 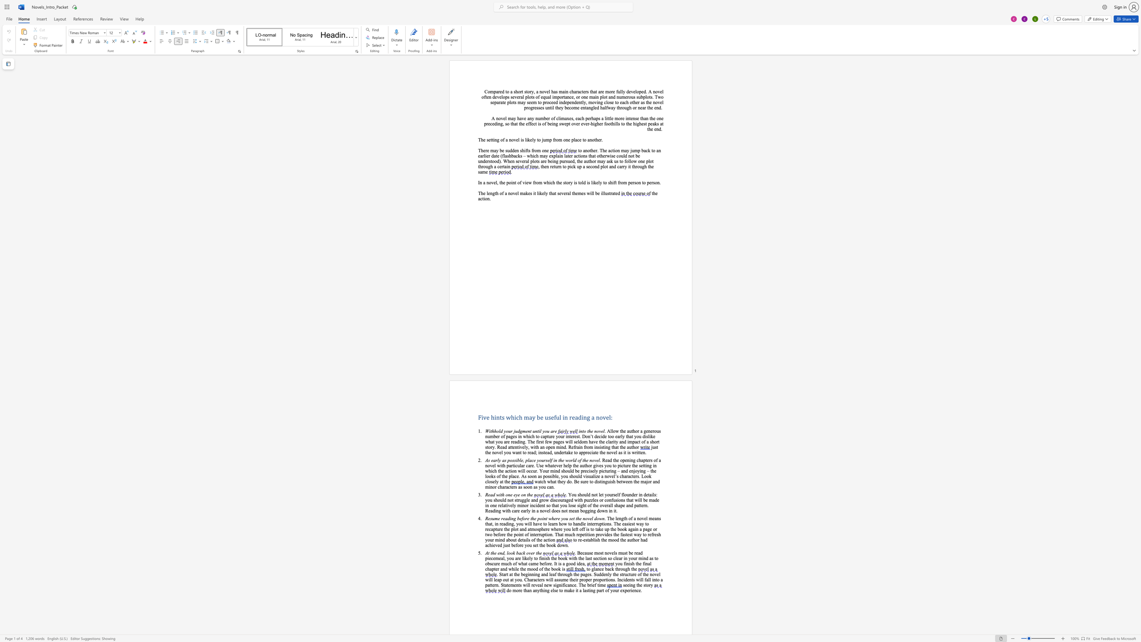 What do you see at coordinates (572, 91) in the screenshot?
I see `the 3th character "h" in the text` at bounding box center [572, 91].